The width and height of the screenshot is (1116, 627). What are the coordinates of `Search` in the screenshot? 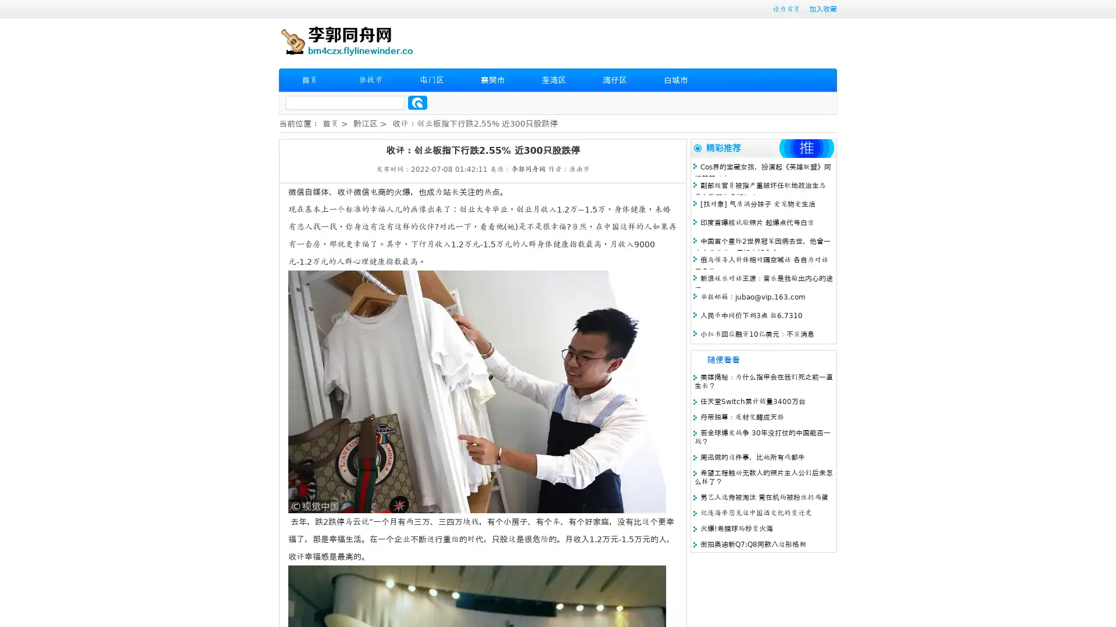 It's located at (417, 102).